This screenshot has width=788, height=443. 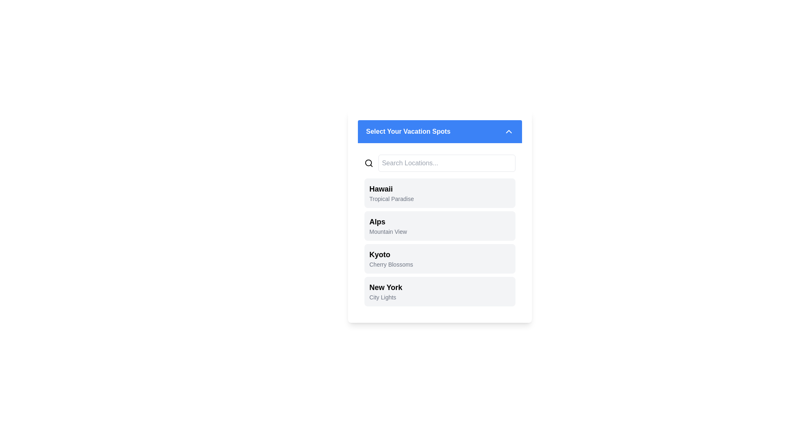 I want to click on the bold 'Hawaii' text element, which is the title of the first destination in the list, so click(x=391, y=189).